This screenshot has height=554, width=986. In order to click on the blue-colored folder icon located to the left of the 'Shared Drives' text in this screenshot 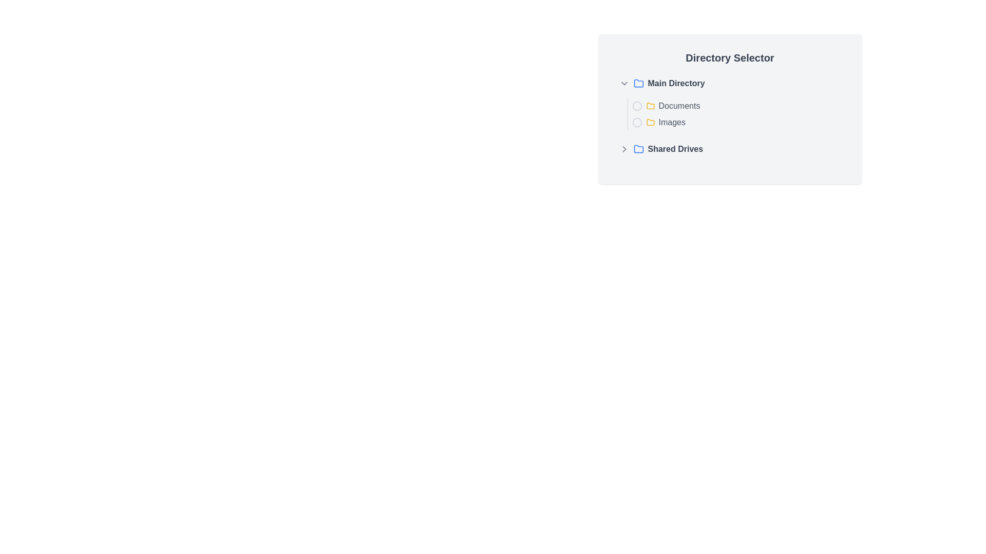, I will do `click(638, 149)`.